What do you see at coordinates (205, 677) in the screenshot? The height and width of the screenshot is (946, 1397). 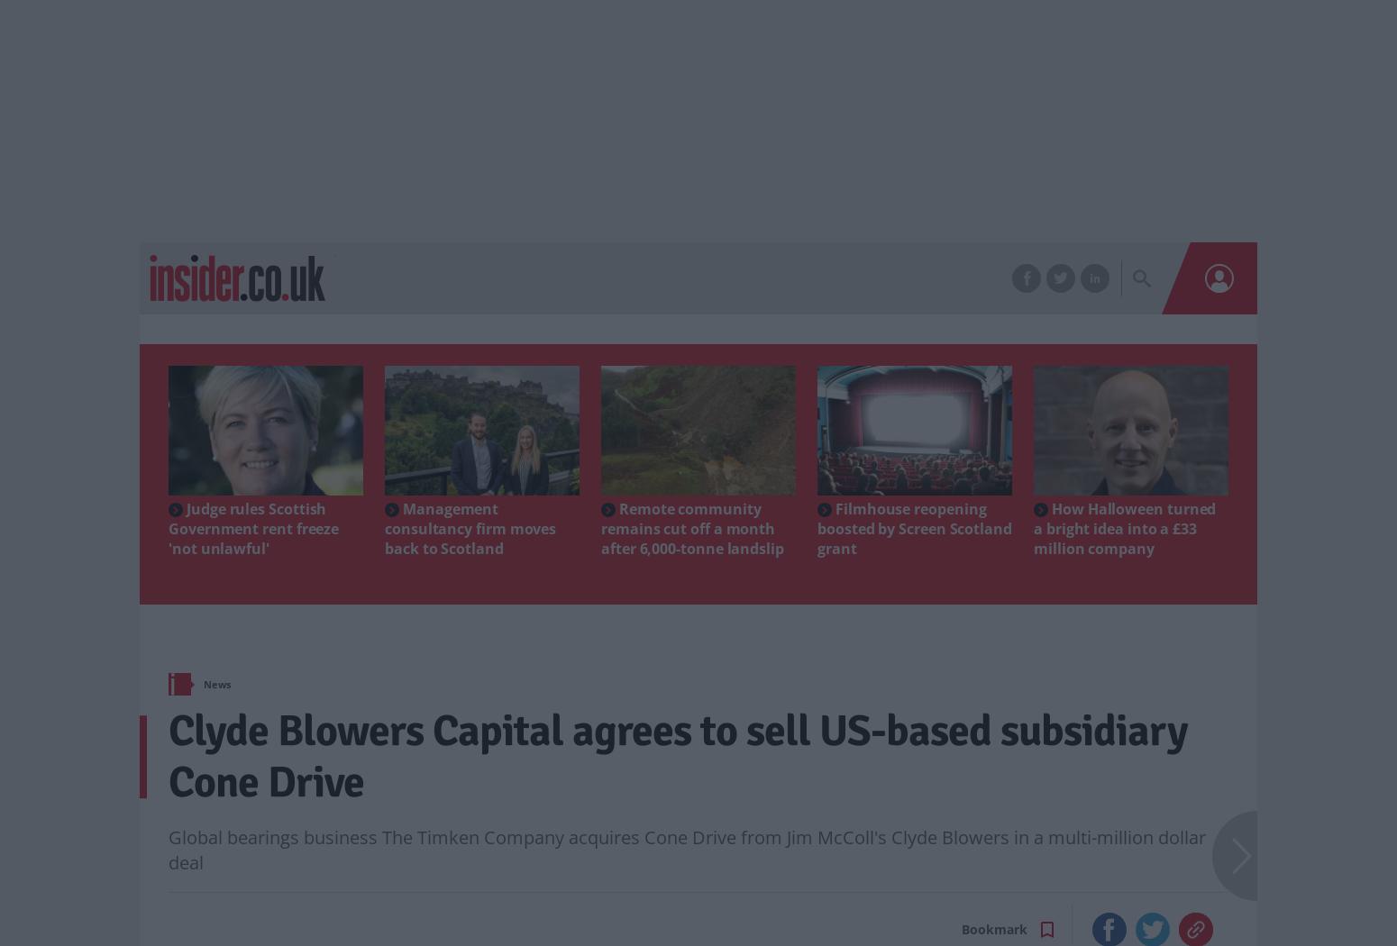 I see `'Home'` at bounding box center [205, 677].